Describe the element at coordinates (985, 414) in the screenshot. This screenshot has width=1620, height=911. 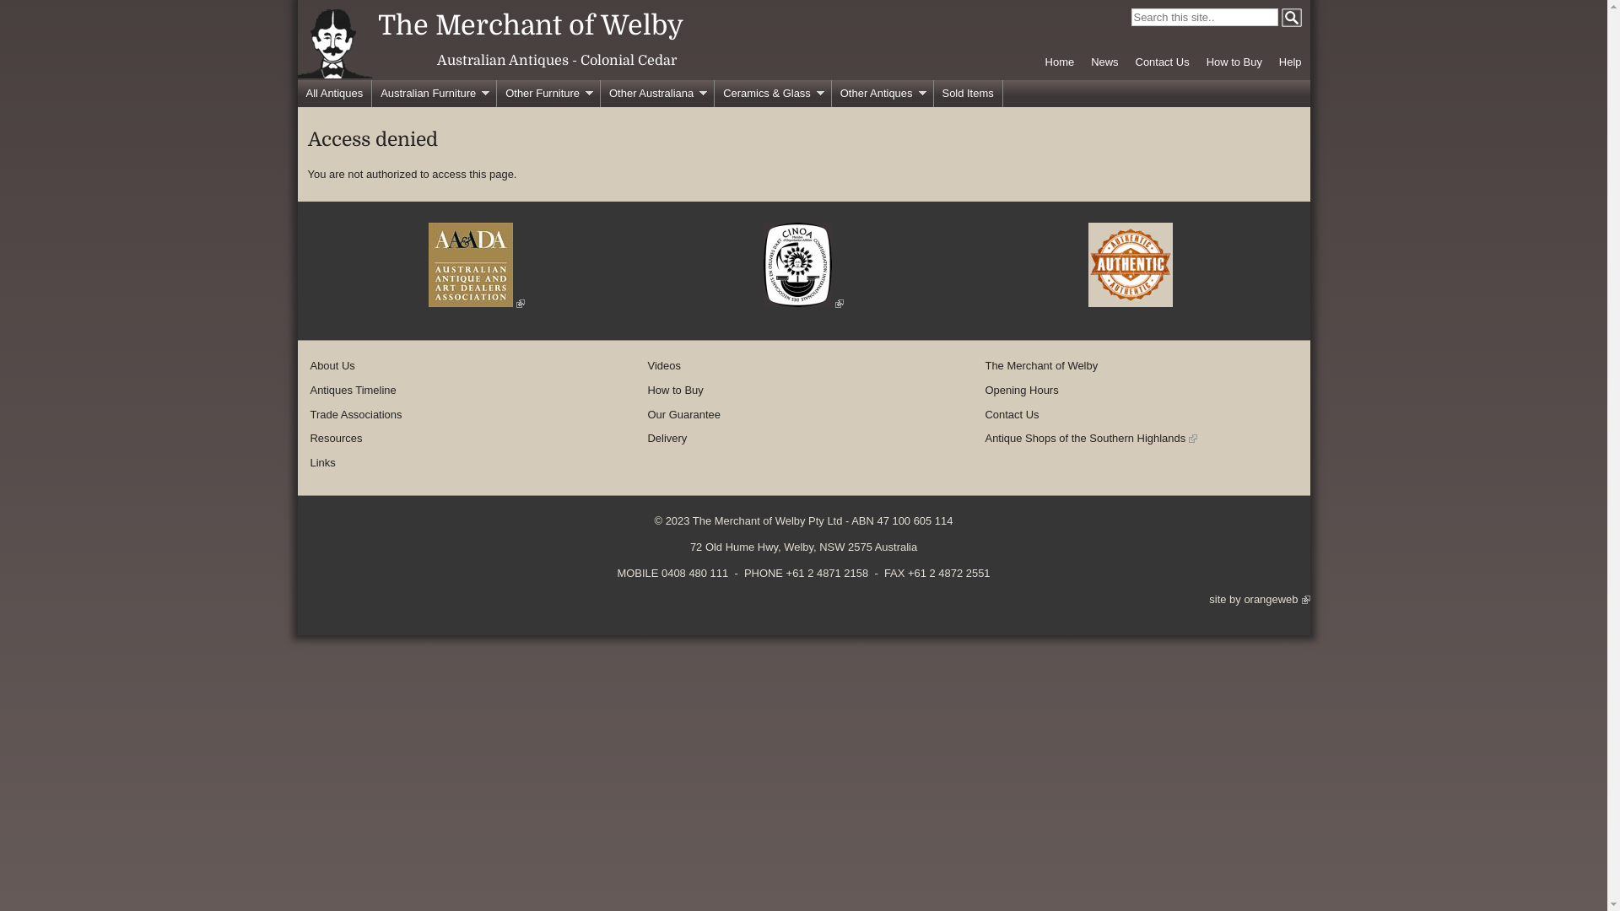
I see `'Contact Us'` at that location.